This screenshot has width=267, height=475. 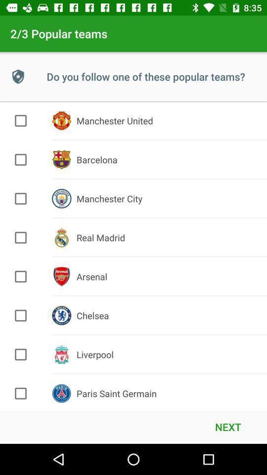 I want to click on second check box from bottom, so click(x=21, y=355).